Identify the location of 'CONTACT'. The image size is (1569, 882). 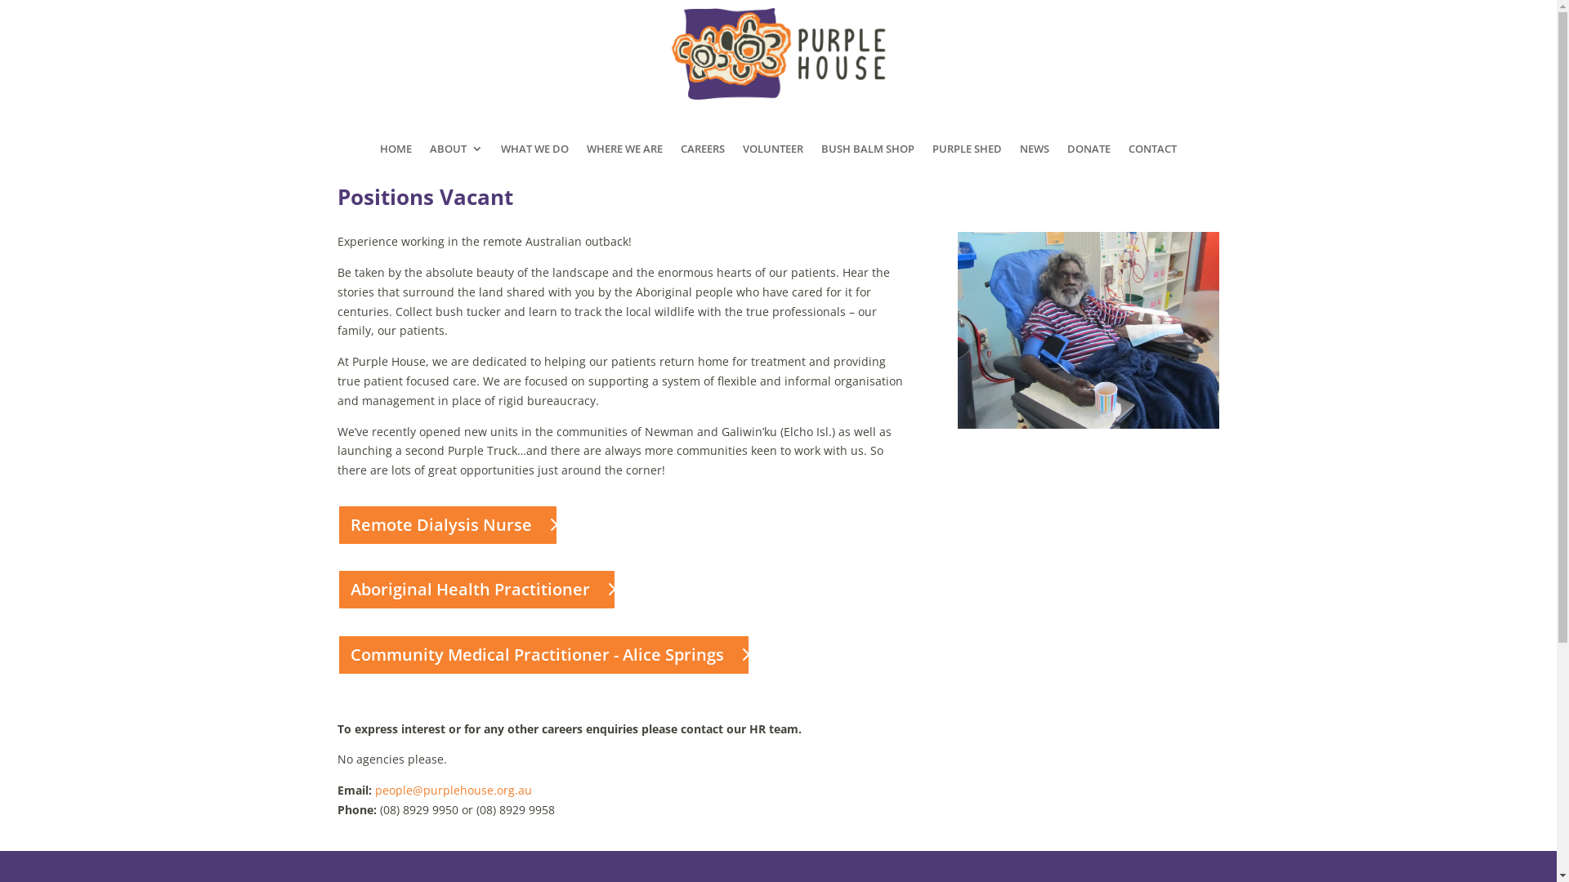
(1151, 160).